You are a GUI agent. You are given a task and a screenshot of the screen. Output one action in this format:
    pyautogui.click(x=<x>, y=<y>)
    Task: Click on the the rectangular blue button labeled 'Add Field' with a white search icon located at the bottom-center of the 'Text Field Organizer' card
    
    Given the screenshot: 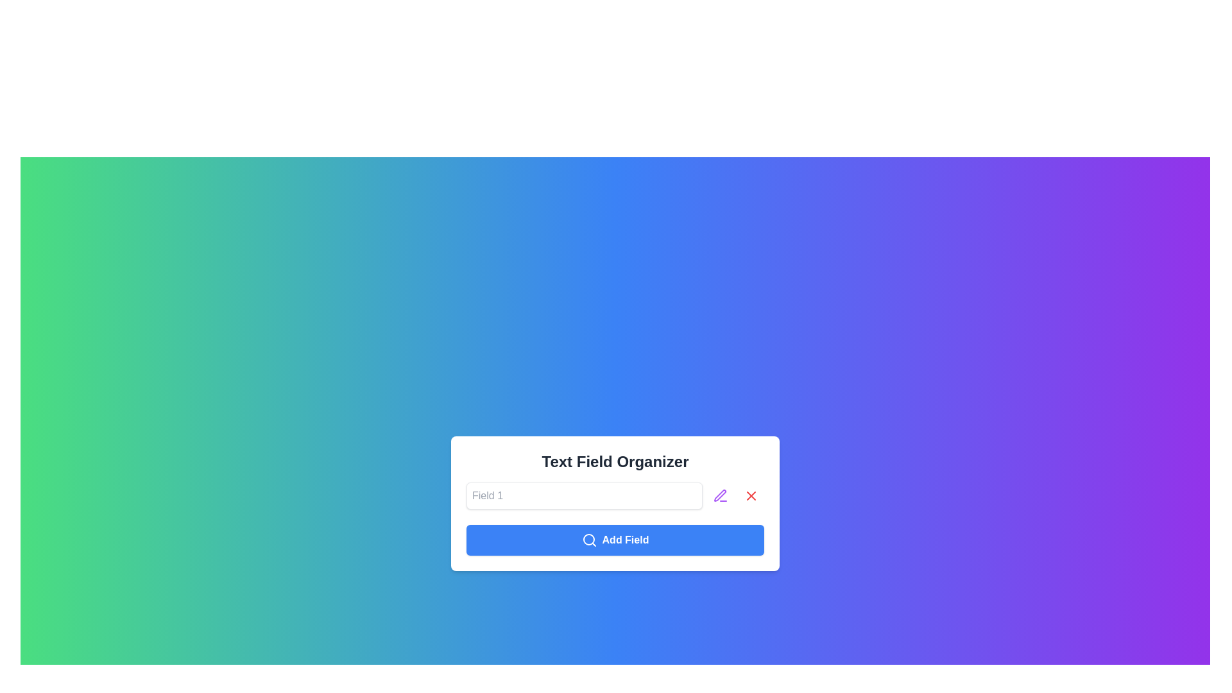 What is the action you would take?
    pyautogui.click(x=615, y=540)
    